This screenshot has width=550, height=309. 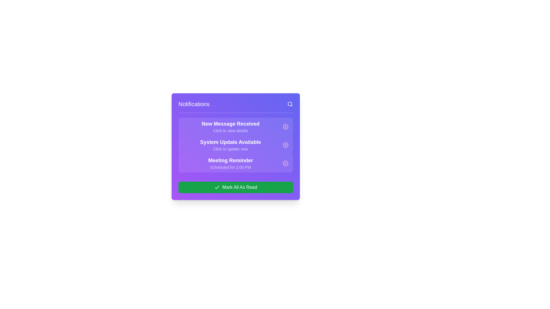 What do you see at coordinates (194, 104) in the screenshot?
I see `the static text label indicating the purpose of the notification panel, which is located at the top-left corner of a purple panel and aligned horizontally with a search icon` at bounding box center [194, 104].